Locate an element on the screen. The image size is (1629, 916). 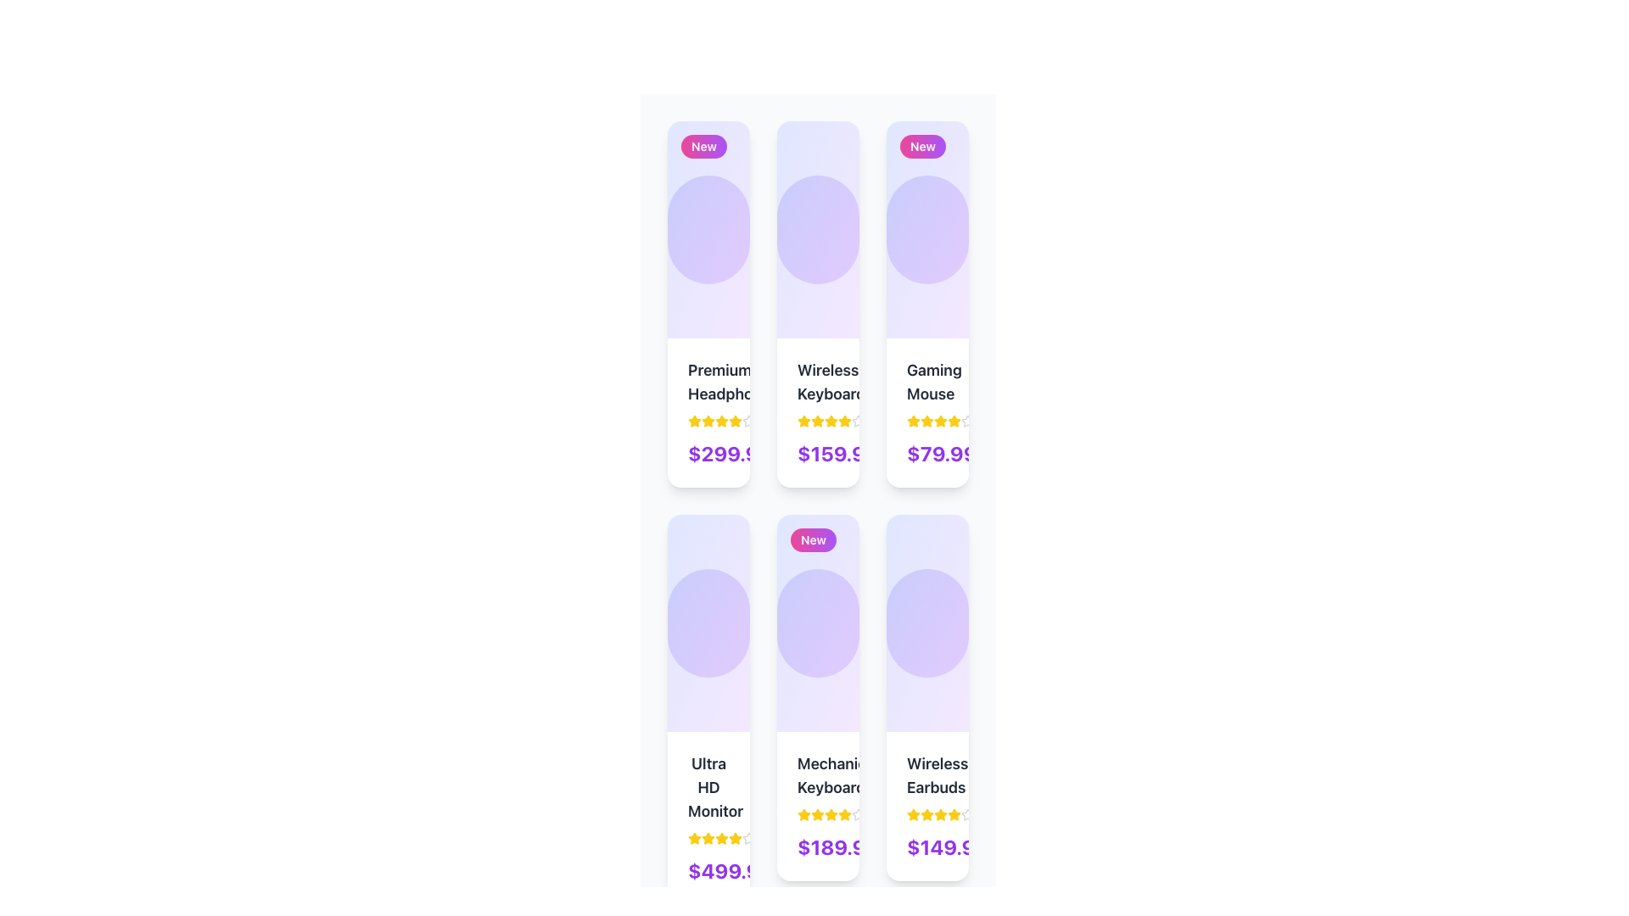
the fifth star in the group of six stars under the 'Wireless Keyboard' item using accessibility tools is located at coordinates (831, 421).